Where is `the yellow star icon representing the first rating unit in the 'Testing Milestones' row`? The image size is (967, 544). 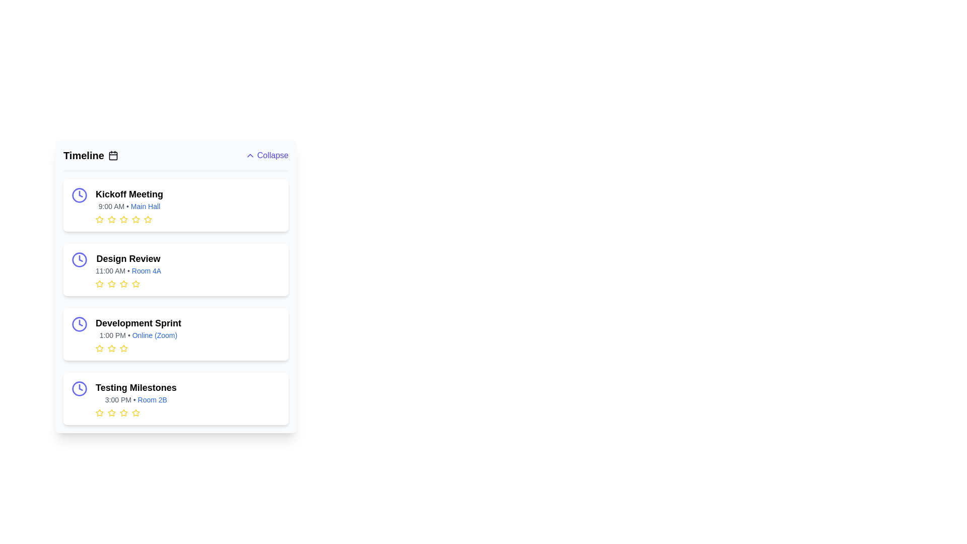 the yellow star icon representing the first rating unit in the 'Testing Milestones' row is located at coordinates (99, 413).